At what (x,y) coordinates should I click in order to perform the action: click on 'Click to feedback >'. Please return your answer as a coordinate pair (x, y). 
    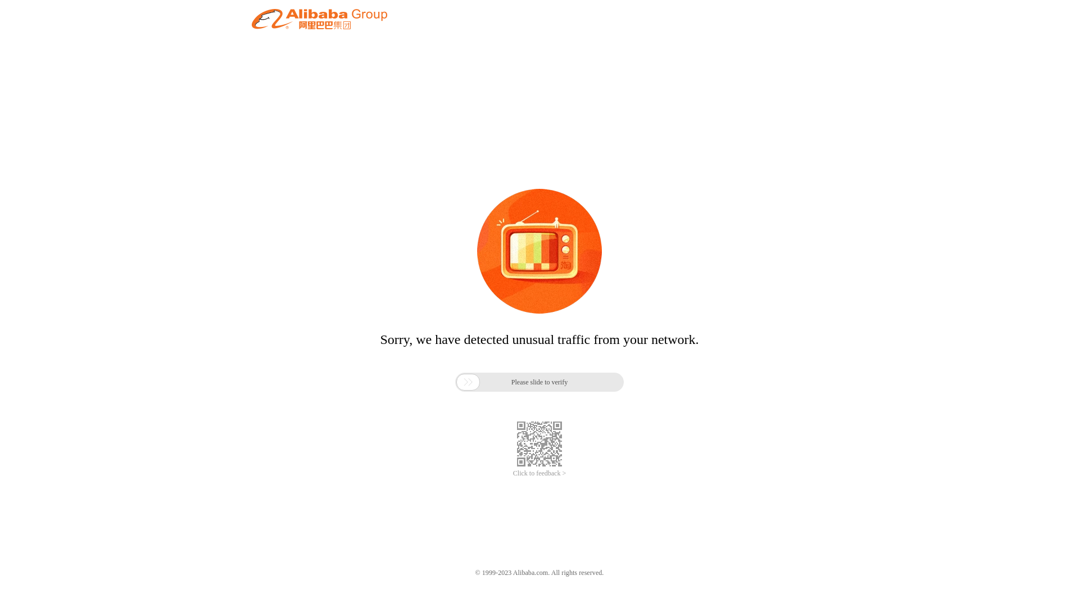
    Looking at the image, I should click on (539, 473).